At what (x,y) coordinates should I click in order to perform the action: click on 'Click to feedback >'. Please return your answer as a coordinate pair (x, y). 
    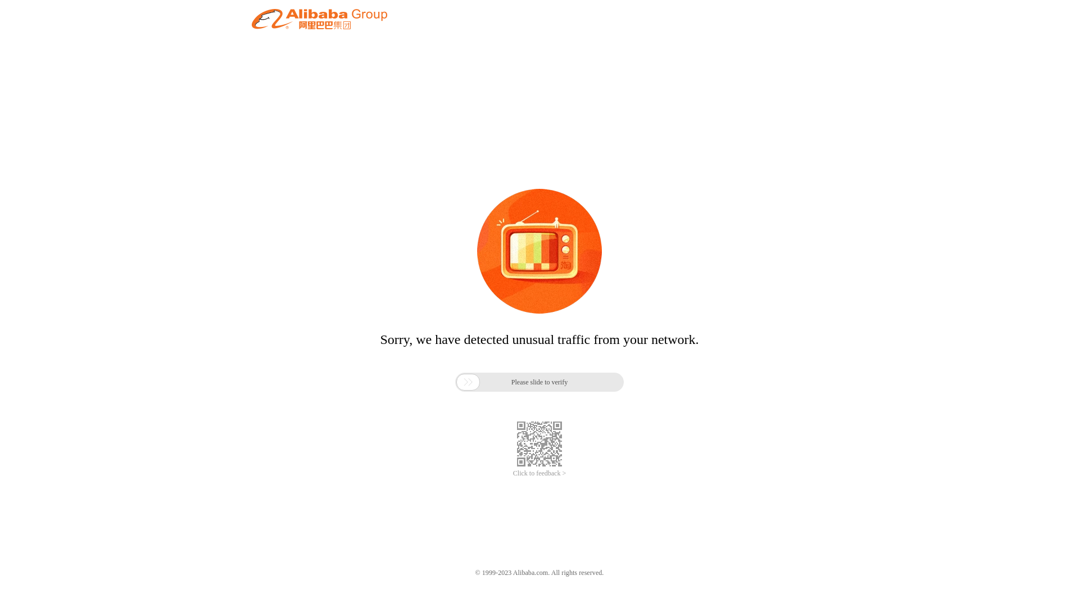
    Looking at the image, I should click on (539, 473).